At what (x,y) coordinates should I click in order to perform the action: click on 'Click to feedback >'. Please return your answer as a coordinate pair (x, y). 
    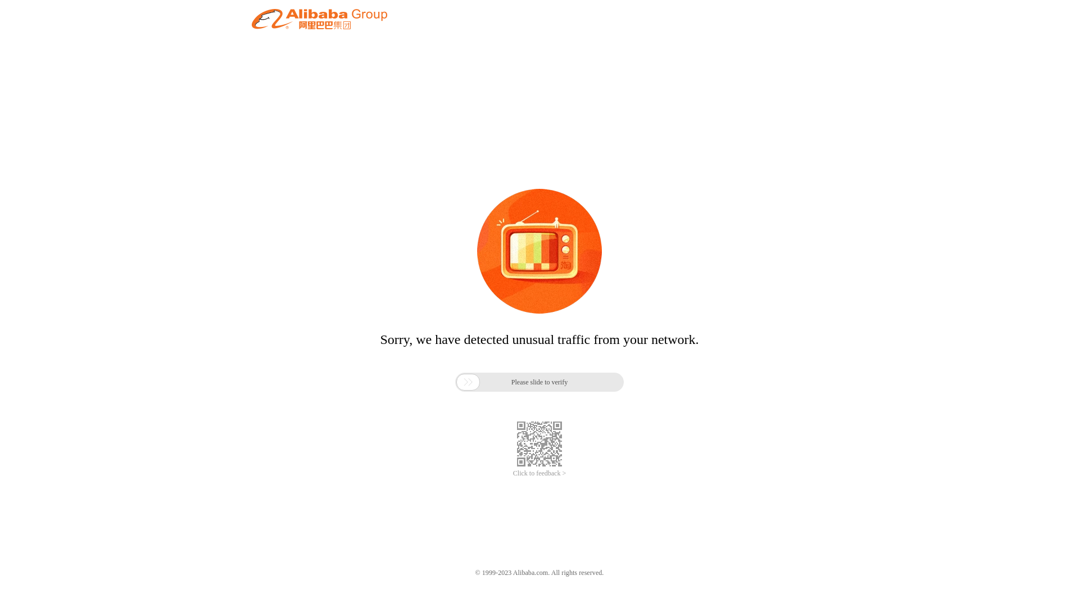
    Looking at the image, I should click on (539, 473).